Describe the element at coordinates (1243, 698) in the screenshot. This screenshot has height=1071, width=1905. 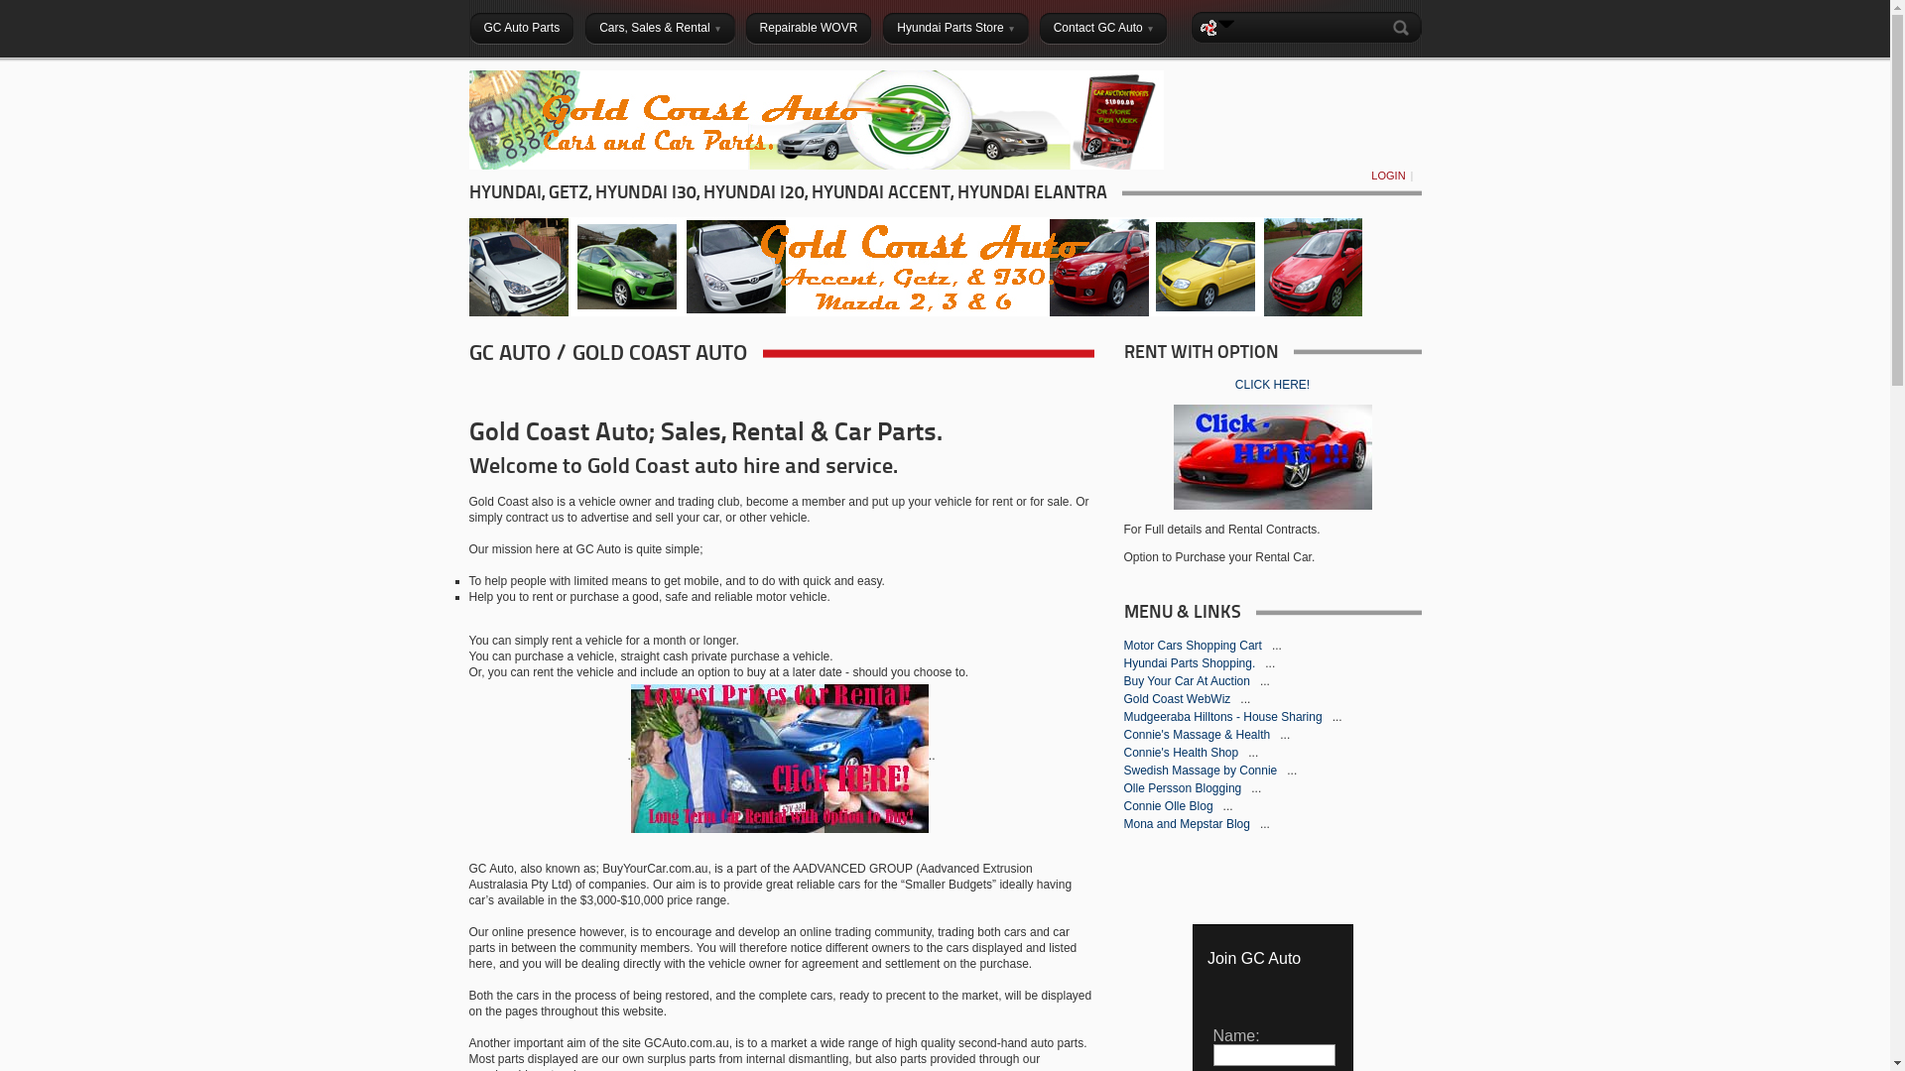
I see `'...'` at that location.